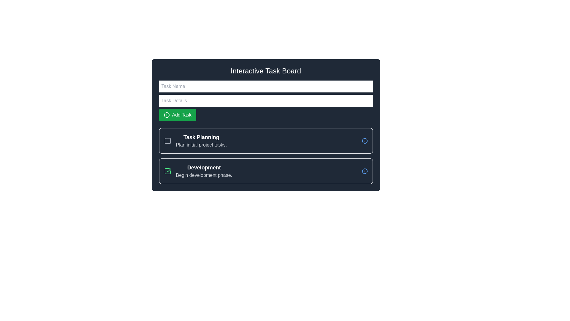 The height and width of the screenshot is (321, 570). Describe the element at coordinates (364, 171) in the screenshot. I see `the visual representation of the Circle icon, which is a bordered, hollow circle located in the 'Development' task component, positioned to the far right and centrally aligned` at that location.